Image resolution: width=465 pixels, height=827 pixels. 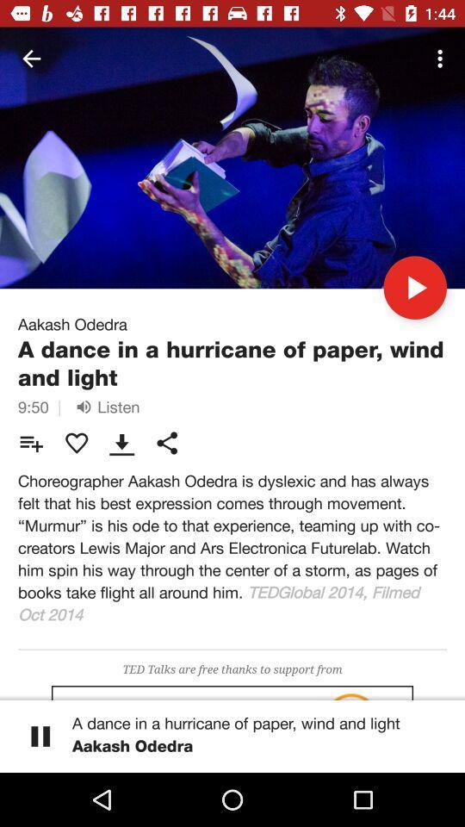 I want to click on more option from right top, so click(x=443, y=59).